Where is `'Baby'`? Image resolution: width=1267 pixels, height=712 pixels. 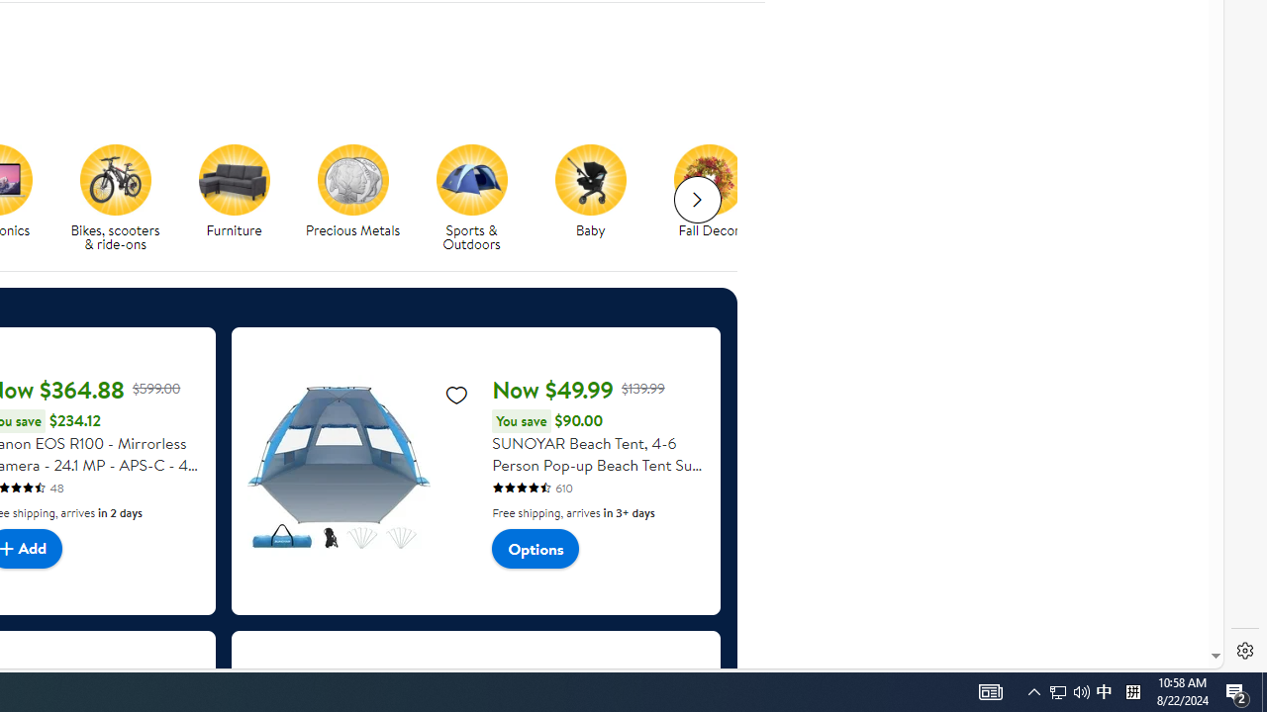 'Baby' is located at coordinates (590, 179).